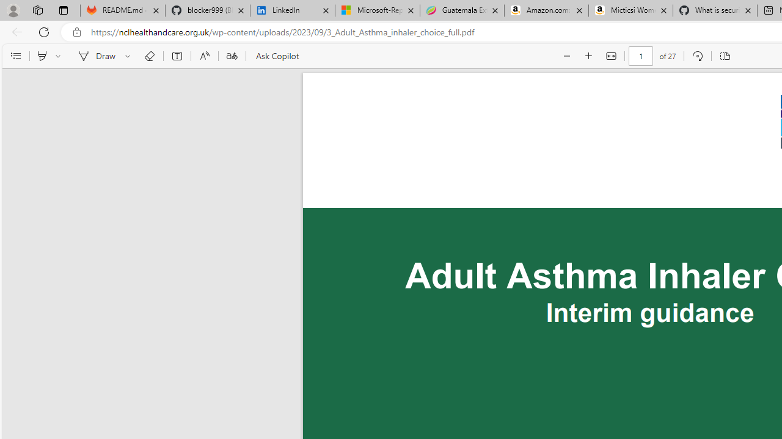 This screenshot has height=439, width=782. Describe the element at coordinates (377, 10) in the screenshot. I see `'Microsoft-Report a Concern to Bing'` at that location.